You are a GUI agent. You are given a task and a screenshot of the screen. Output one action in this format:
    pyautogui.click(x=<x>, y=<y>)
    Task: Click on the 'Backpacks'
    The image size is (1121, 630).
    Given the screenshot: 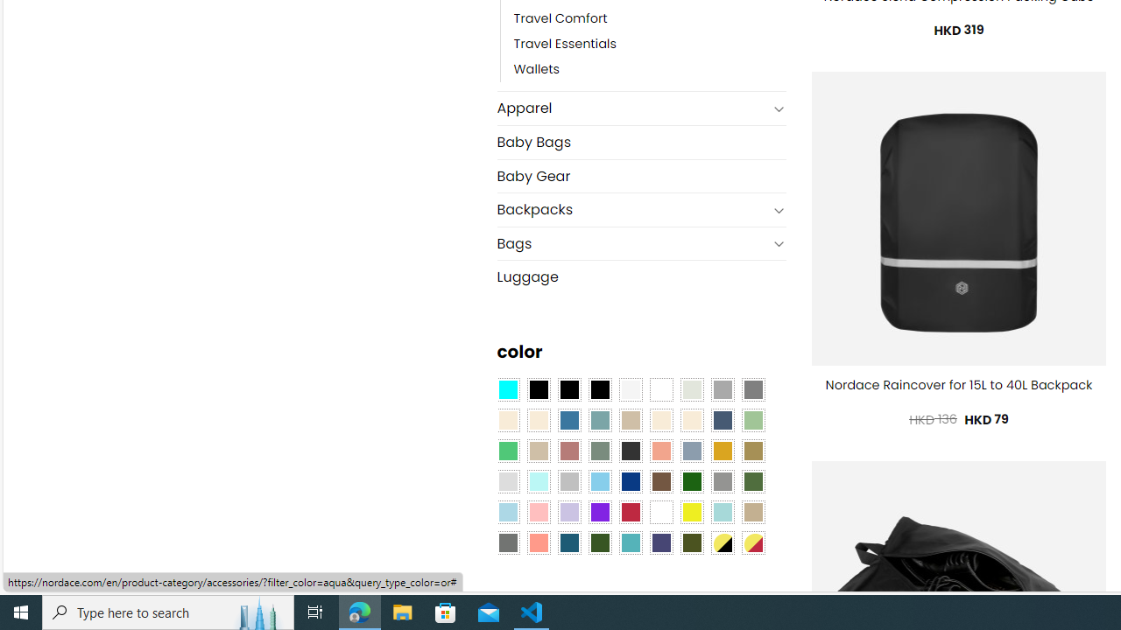 What is the action you would take?
    pyautogui.click(x=631, y=209)
    